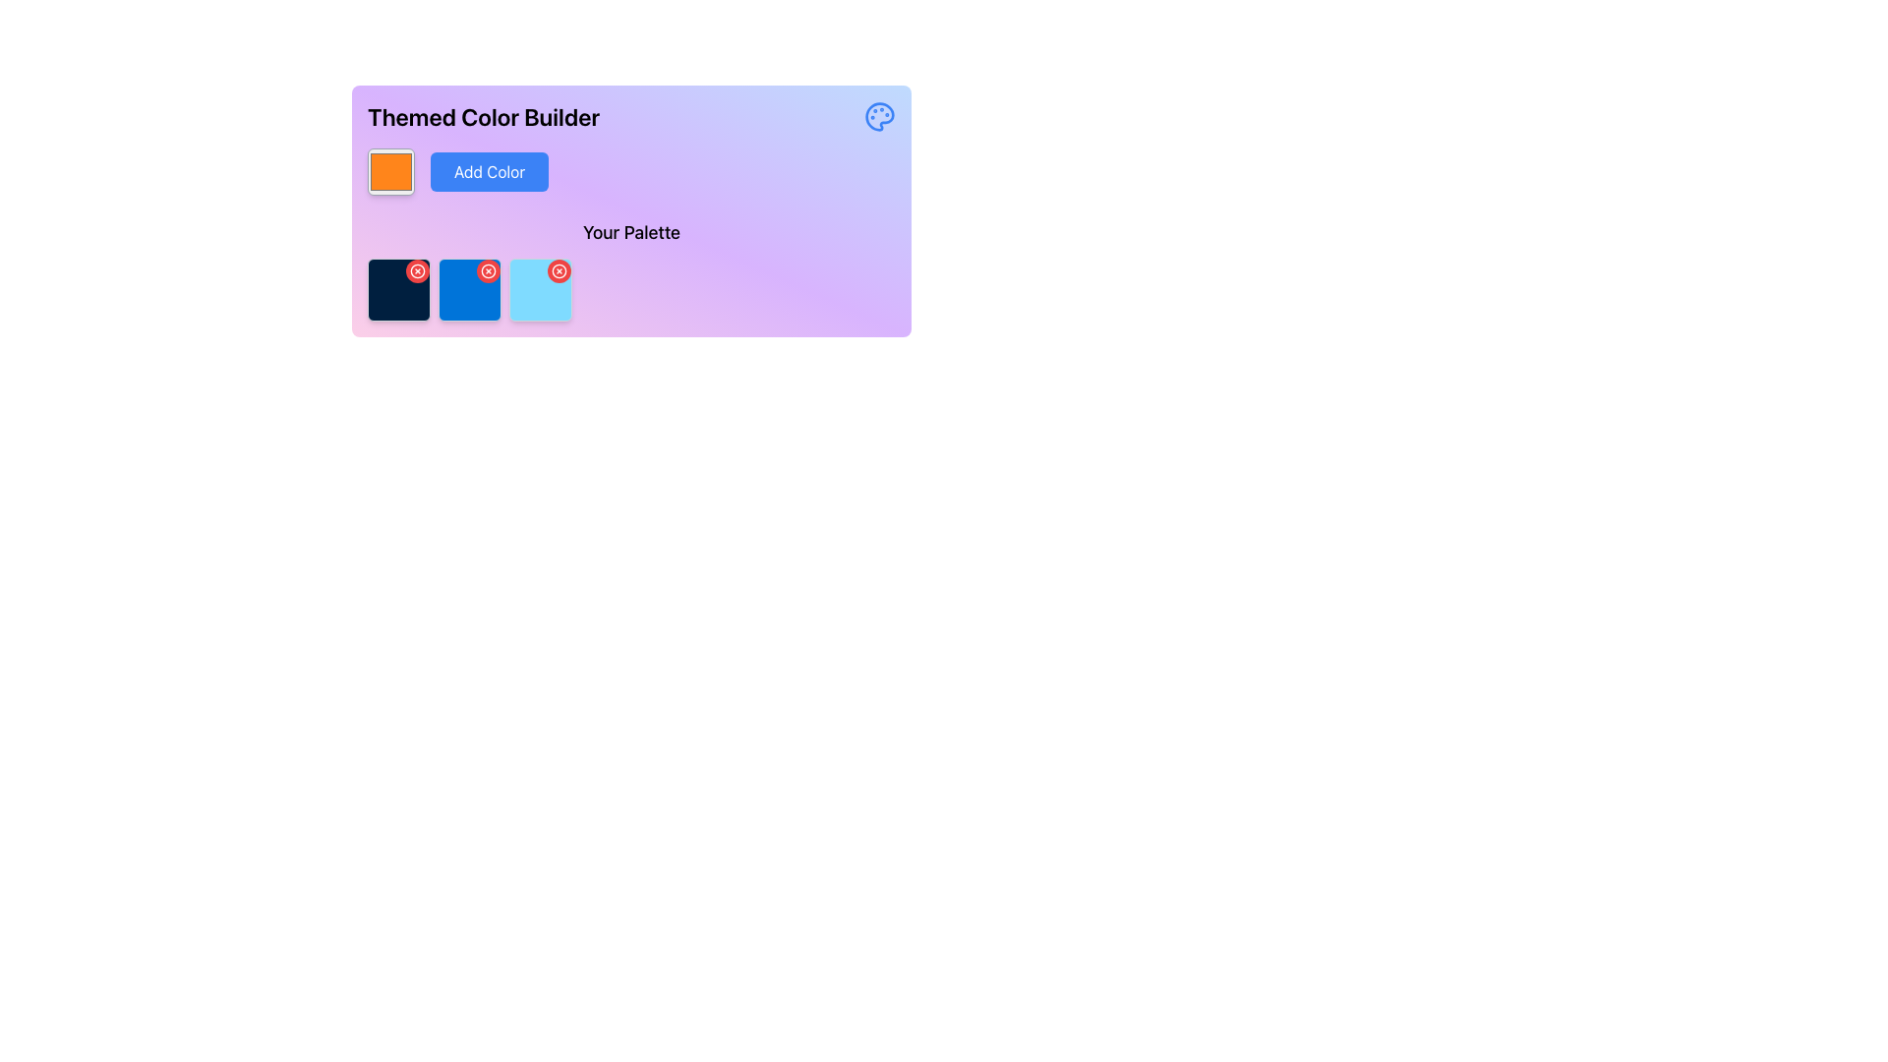 This screenshot has width=1888, height=1062. What do you see at coordinates (631, 231) in the screenshot?
I see `the static text label located at the bottom area of the color-building section, which serves as a heading for the color preview squares` at bounding box center [631, 231].